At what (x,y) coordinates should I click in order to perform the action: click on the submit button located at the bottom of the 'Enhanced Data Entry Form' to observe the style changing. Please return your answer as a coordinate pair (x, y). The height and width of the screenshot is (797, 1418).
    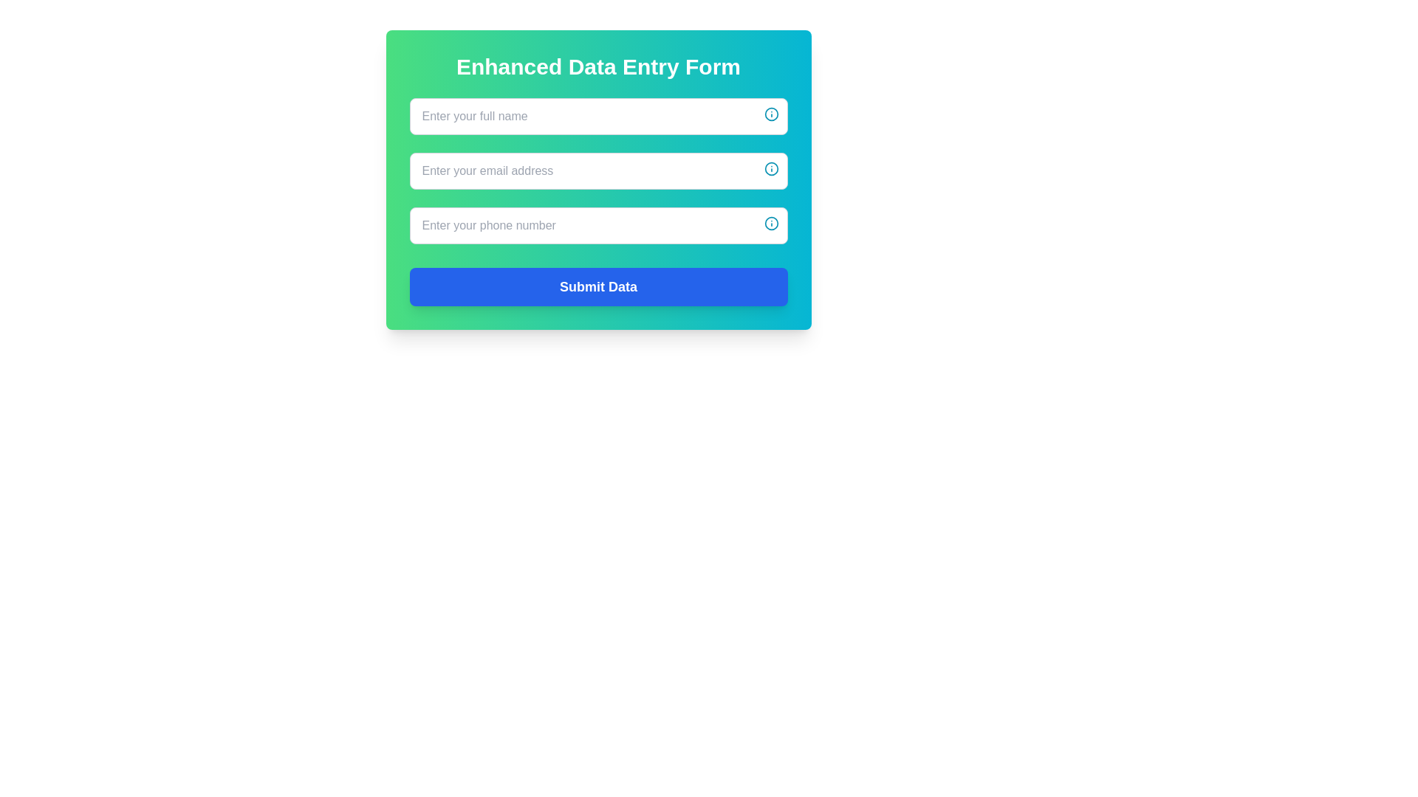
    Looking at the image, I should click on (598, 287).